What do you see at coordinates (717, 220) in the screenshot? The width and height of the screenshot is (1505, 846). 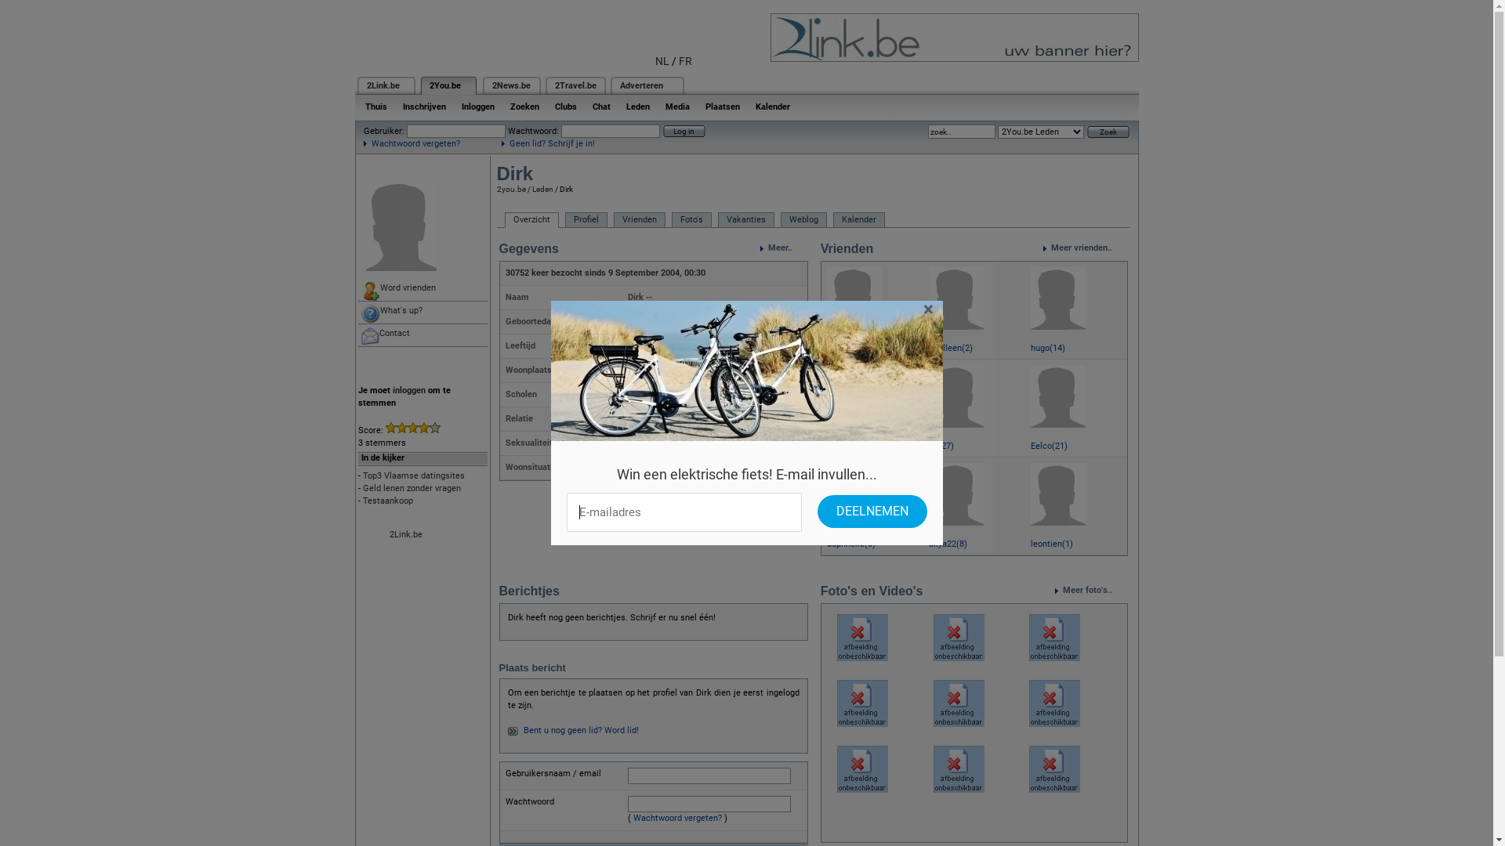 I see `'Vakanties'` at bounding box center [717, 220].